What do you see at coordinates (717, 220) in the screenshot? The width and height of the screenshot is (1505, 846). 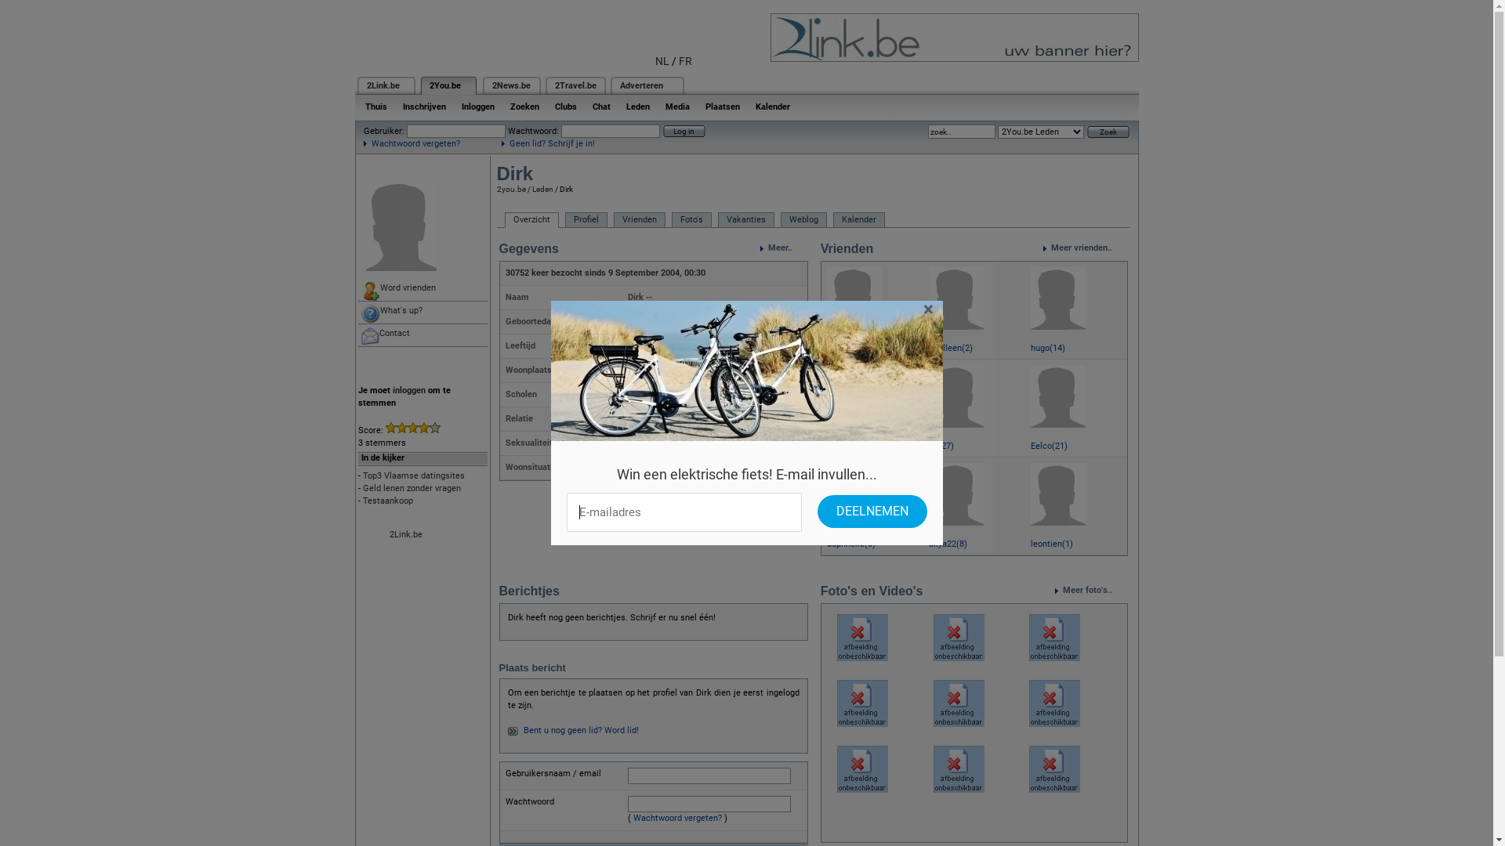 I see `'Vakanties'` at bounding box center [717, 220].